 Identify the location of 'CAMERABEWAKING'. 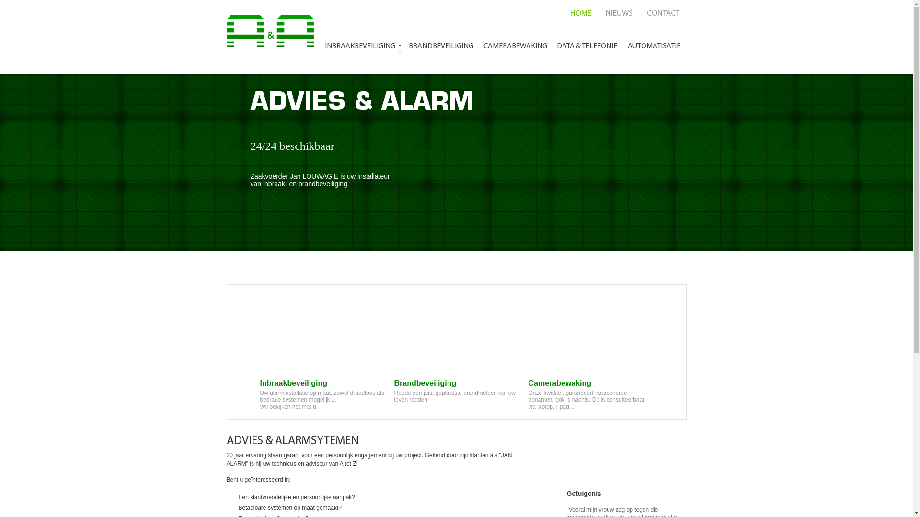
(478, 48).